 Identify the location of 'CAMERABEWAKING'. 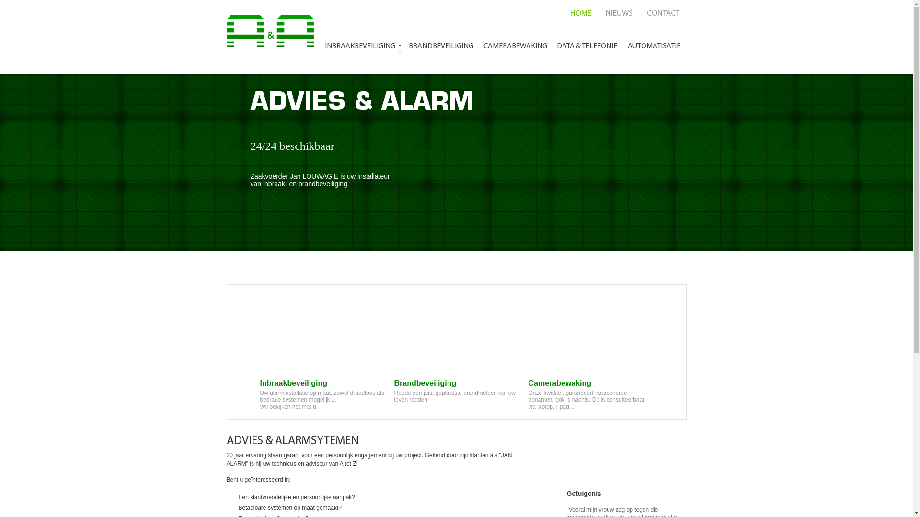
(478, 48).